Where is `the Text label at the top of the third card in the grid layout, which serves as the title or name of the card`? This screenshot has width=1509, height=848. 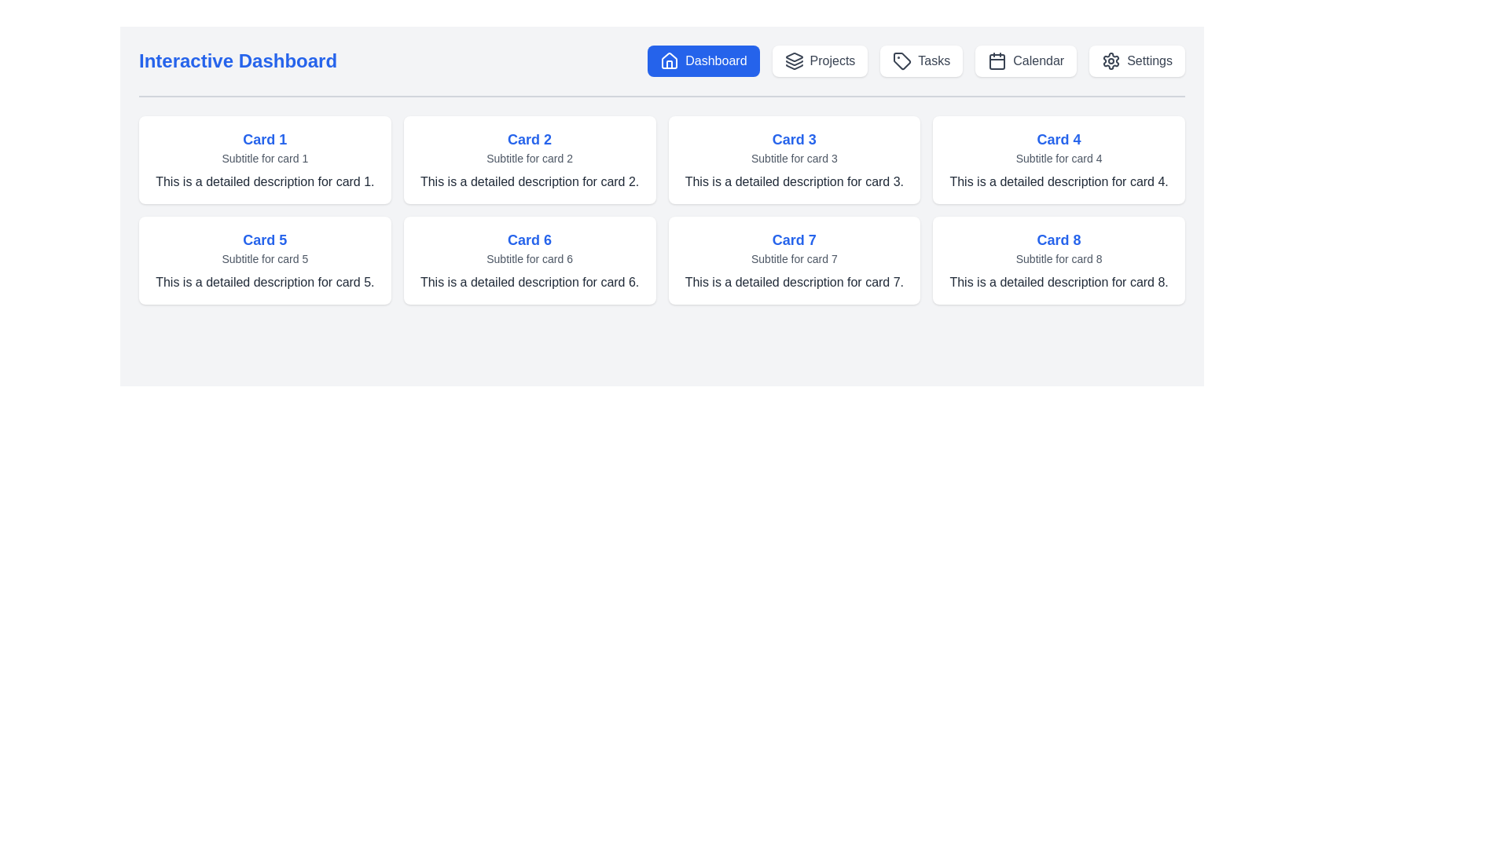
the Text label at the top of the third card in the grid layout, which serves as the title or name of the card is located at coordinates (794, 138).